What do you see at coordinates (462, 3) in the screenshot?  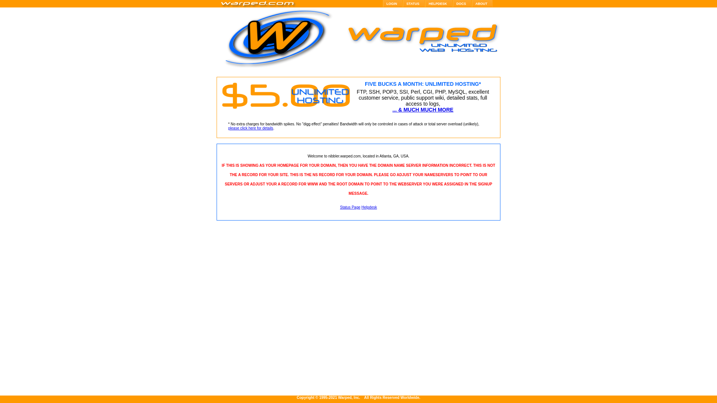 I see `'DOCS'` at bounding box center [462, 3].